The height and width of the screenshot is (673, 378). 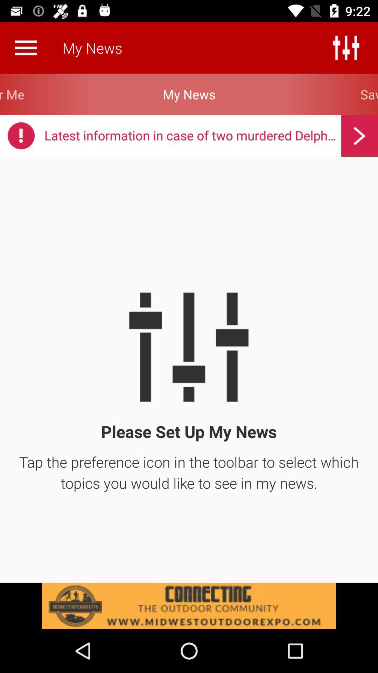 I want to click on the button below the text me on the web page, so click(x=21, y=136).